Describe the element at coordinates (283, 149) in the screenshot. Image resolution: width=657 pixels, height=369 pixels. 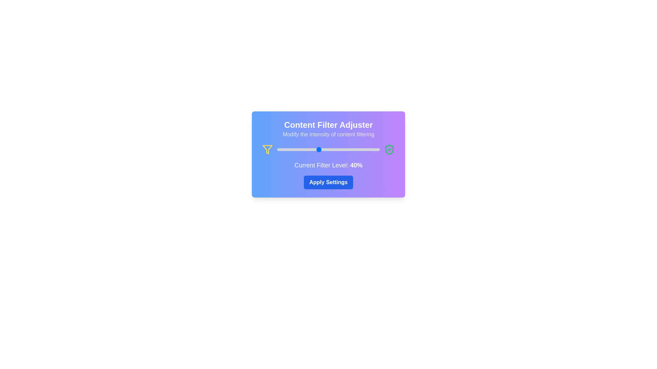
I see `the content filter level to 6% by dragging the slider` at that location.